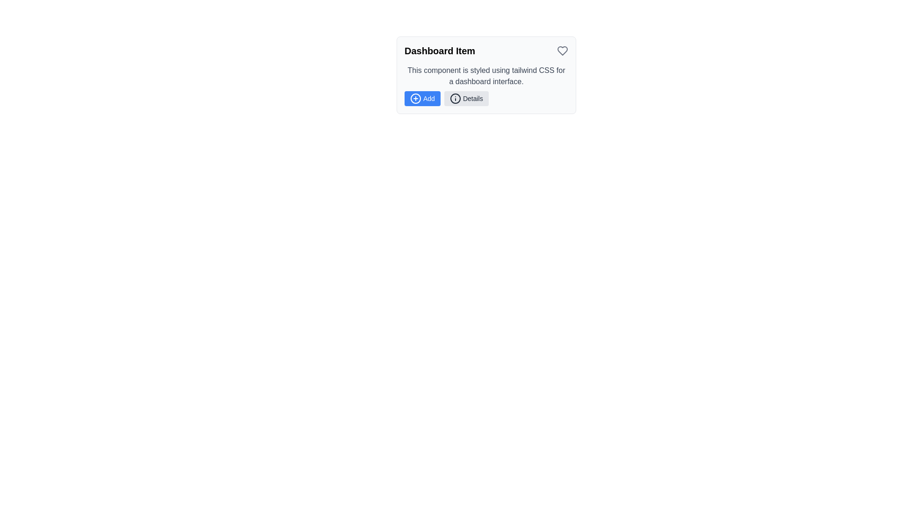 This screenshot has height=505, width=898. Describe the element at coordinates (415, 99) in the screenshot. I see `the outermost circular part of the graphical representation of the 'Add' button, which is located at the bottom-left corner below the text 'Dashboard Item'` at that location.